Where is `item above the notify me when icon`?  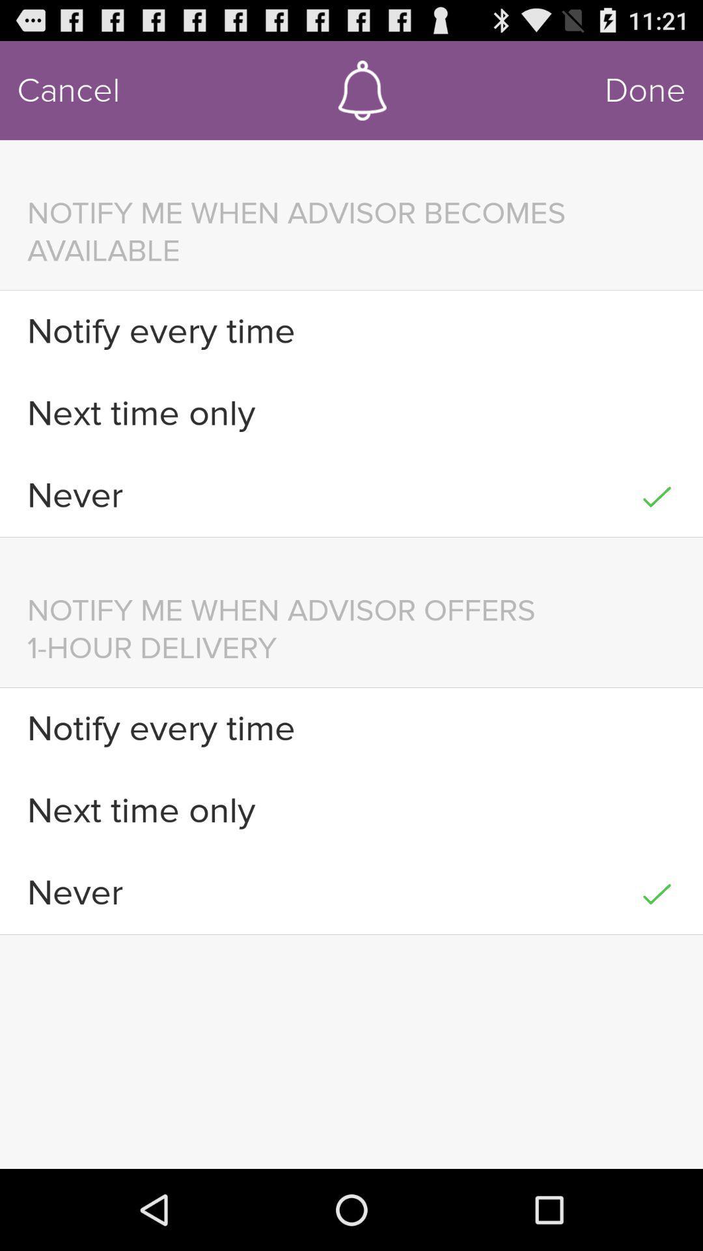
item above the notify me when icon is located at coordinates (68, 90).